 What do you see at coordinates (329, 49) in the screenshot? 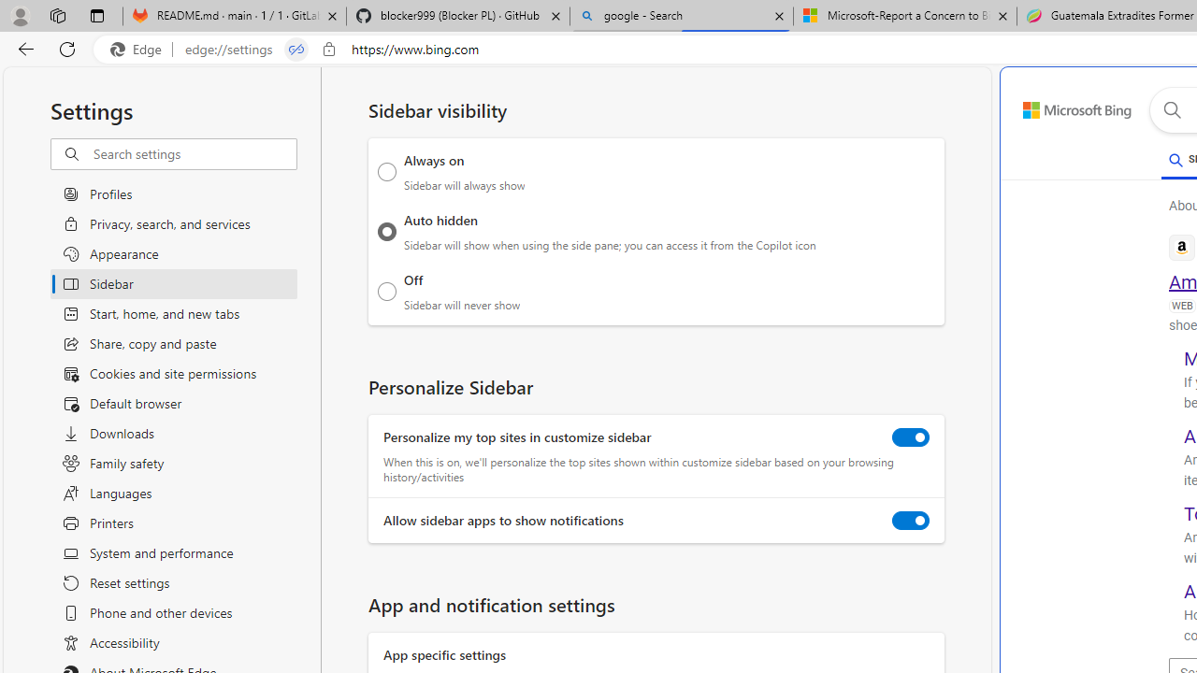
I see `'View site information'` at bounding box center [329, 49].